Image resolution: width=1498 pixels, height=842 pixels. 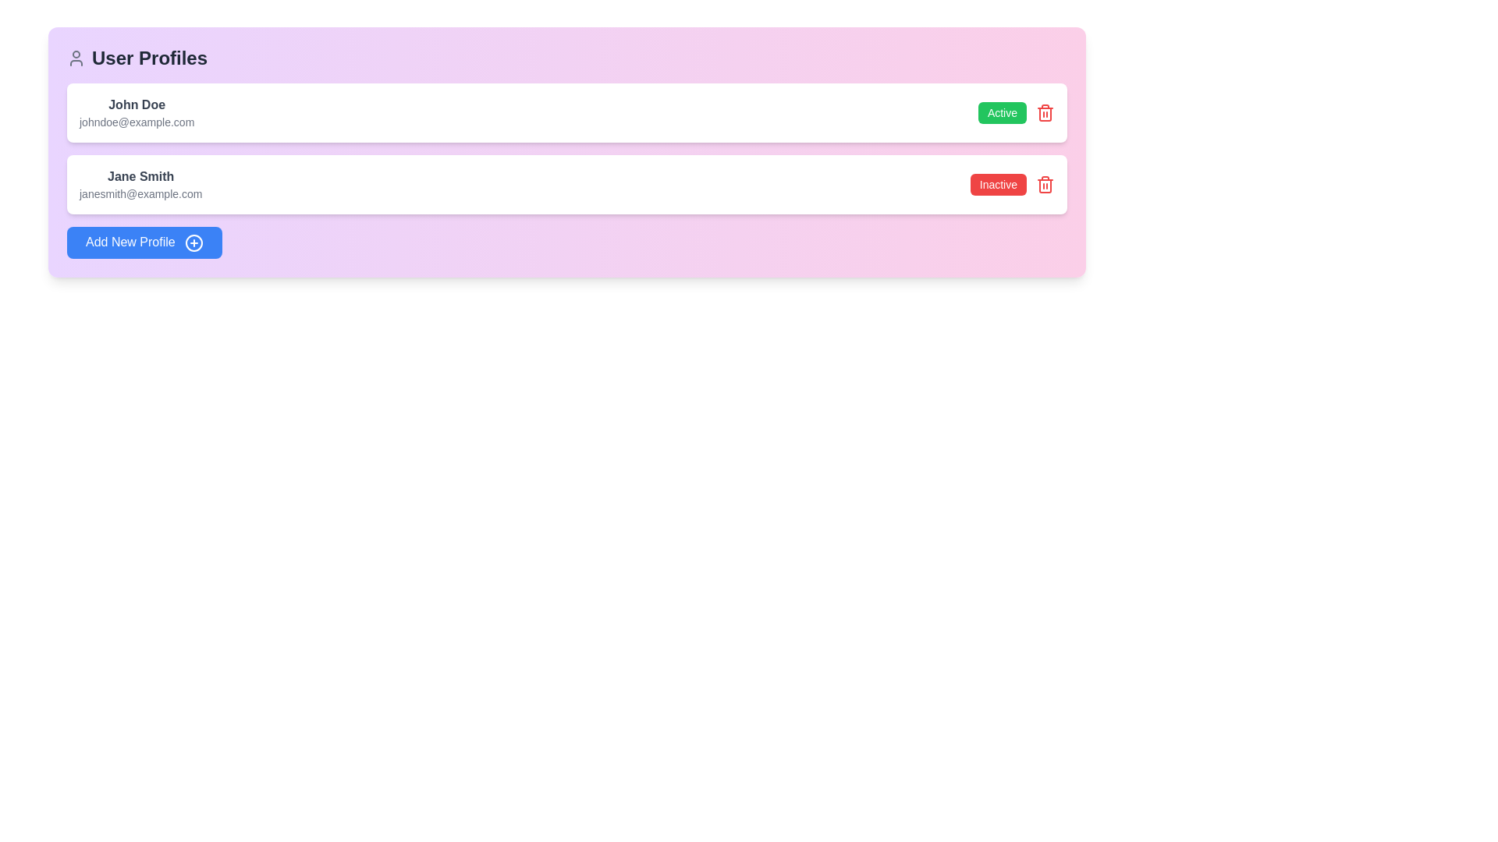 I want to click on the static text displaying the email address 'johndoe@example.com' located beneath the name 'John Doe' in the user profile section, so click(x=137, y=122).